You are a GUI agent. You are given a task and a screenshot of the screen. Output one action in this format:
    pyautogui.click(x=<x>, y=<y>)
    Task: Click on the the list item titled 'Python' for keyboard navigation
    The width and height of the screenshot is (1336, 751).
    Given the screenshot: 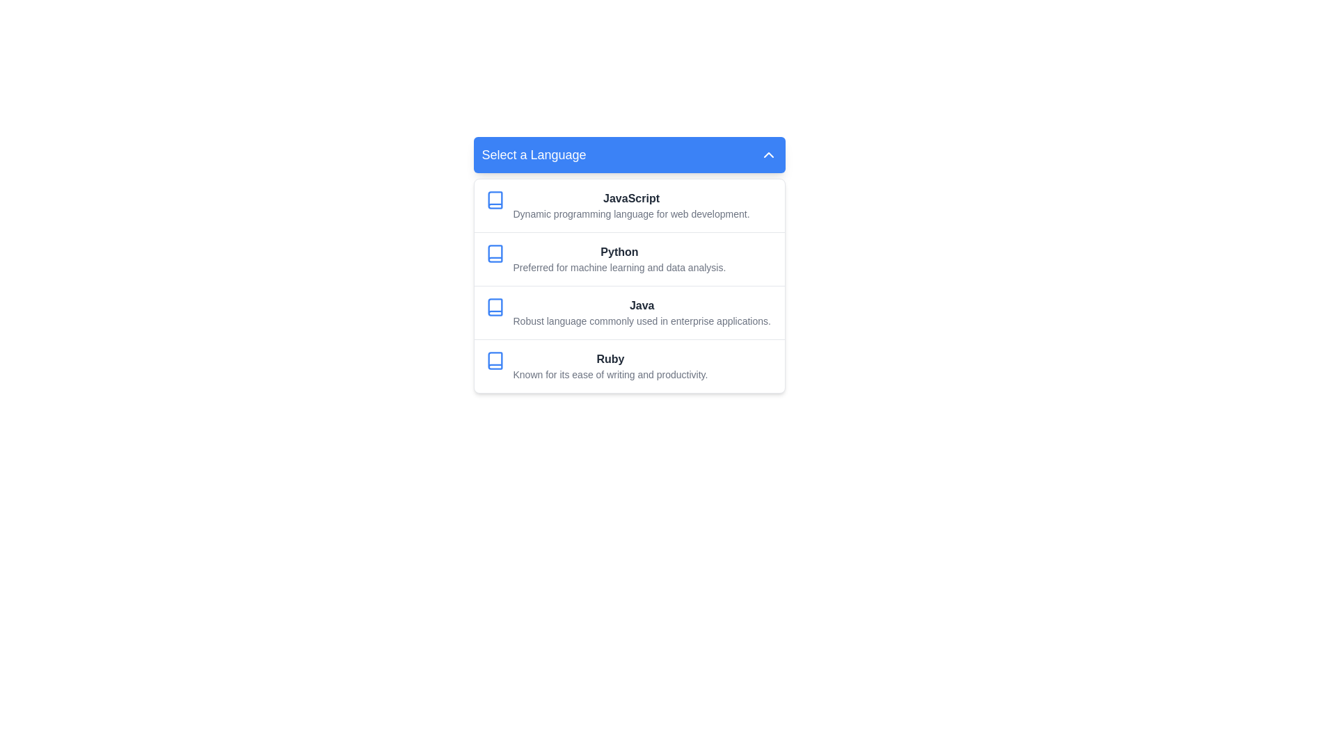 What is the action you would take?
    pyautogui.click(x=619, y=259)
    